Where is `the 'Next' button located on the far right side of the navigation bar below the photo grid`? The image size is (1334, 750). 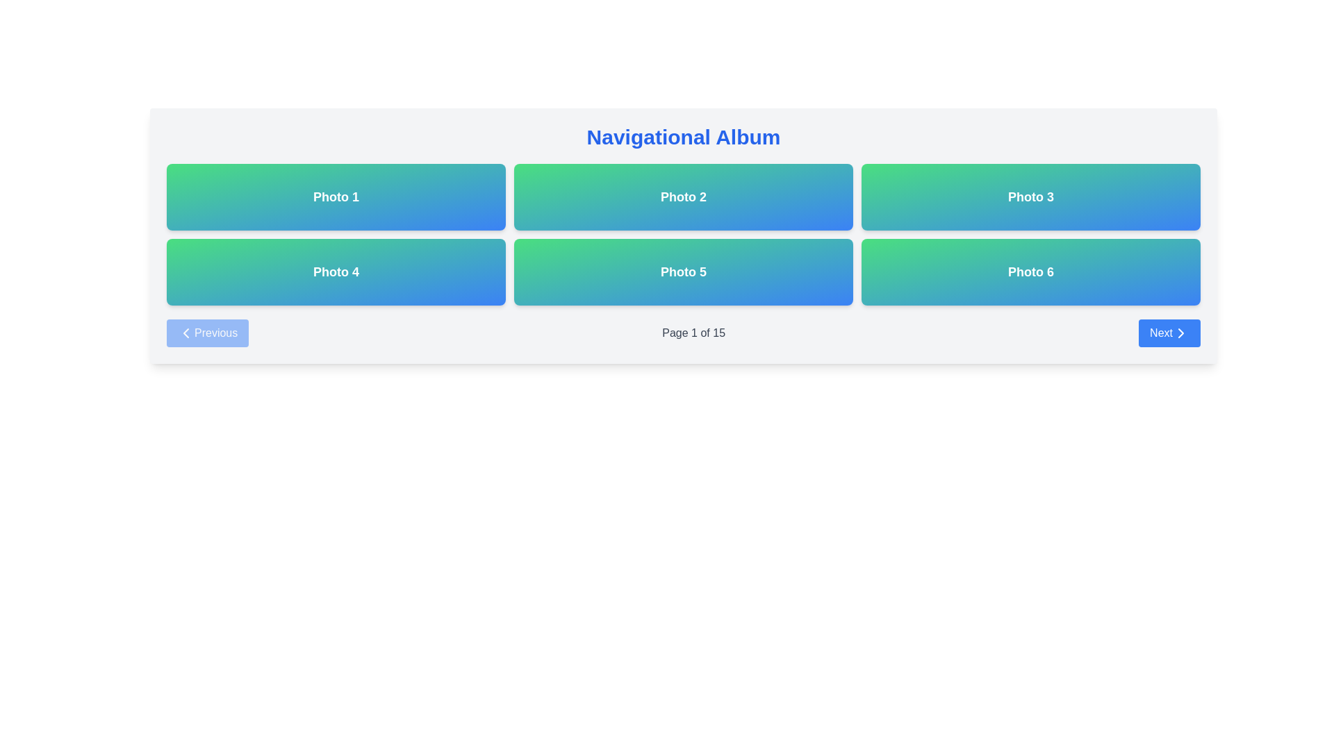 the 'Next' button located on the far right side of the navigation bar below the photo grid is located at coordinates (1169, 333).